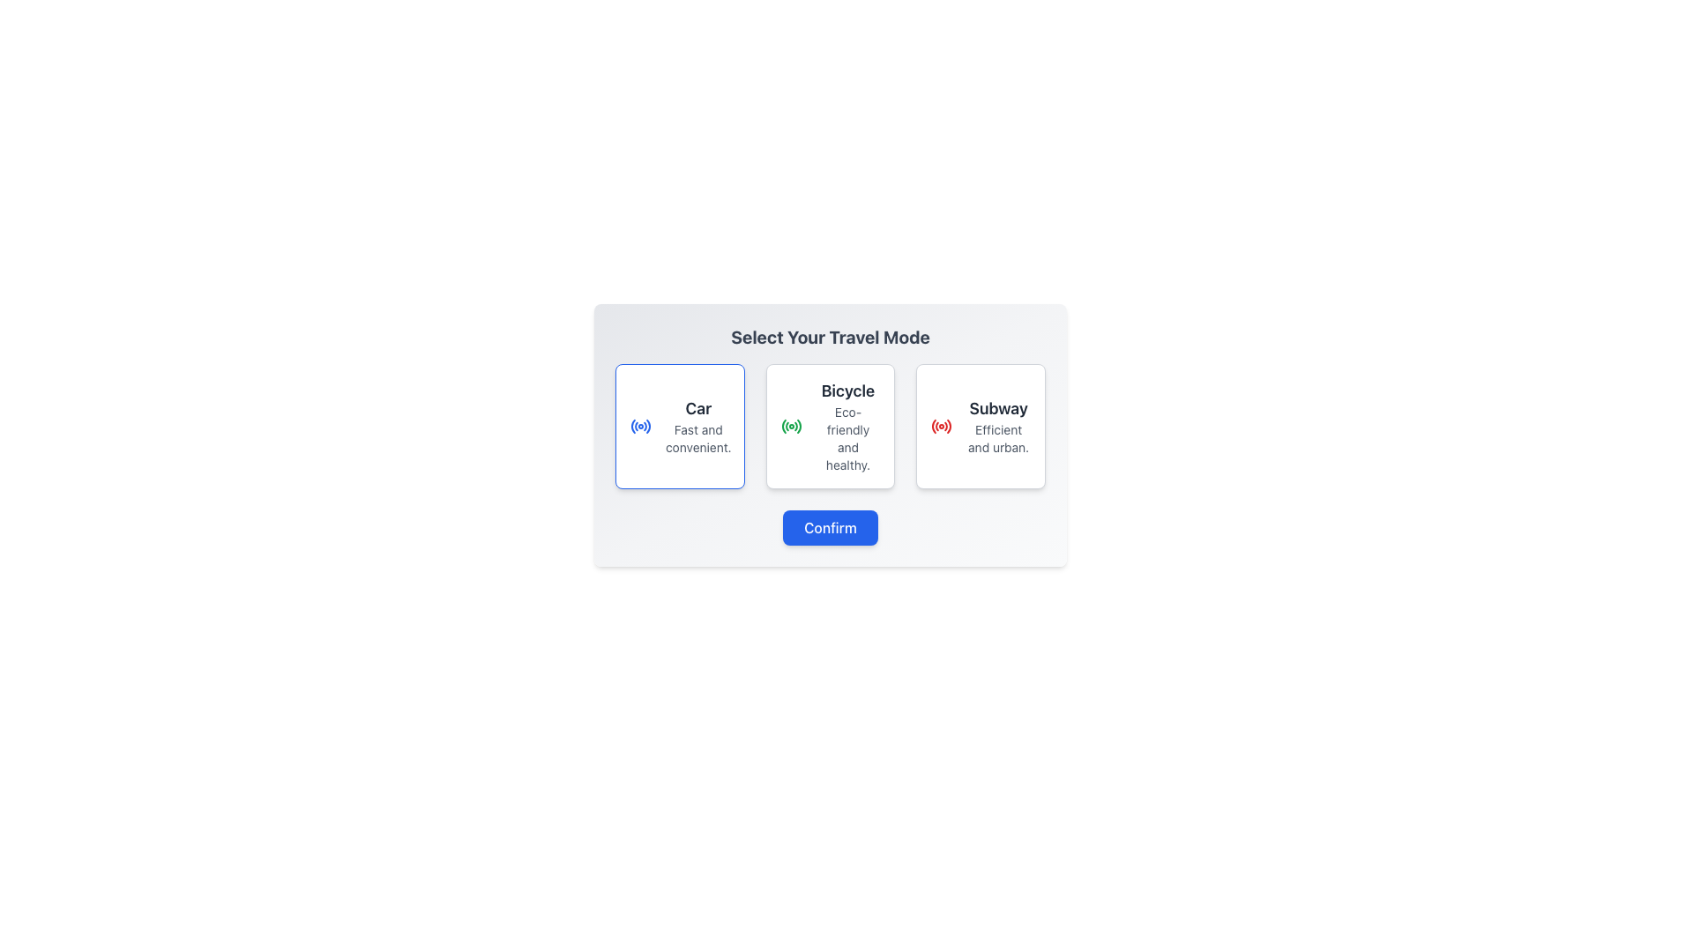  What do you see at coordinates (998, 437) in the screenshot?
I see `the static text label providing details about the 'Subway' travel mode option, which is located below the bold text 'Subway' within the rightmost card of the card group under 'Select Your Travel Mode'` at bounding box center [998, 437].